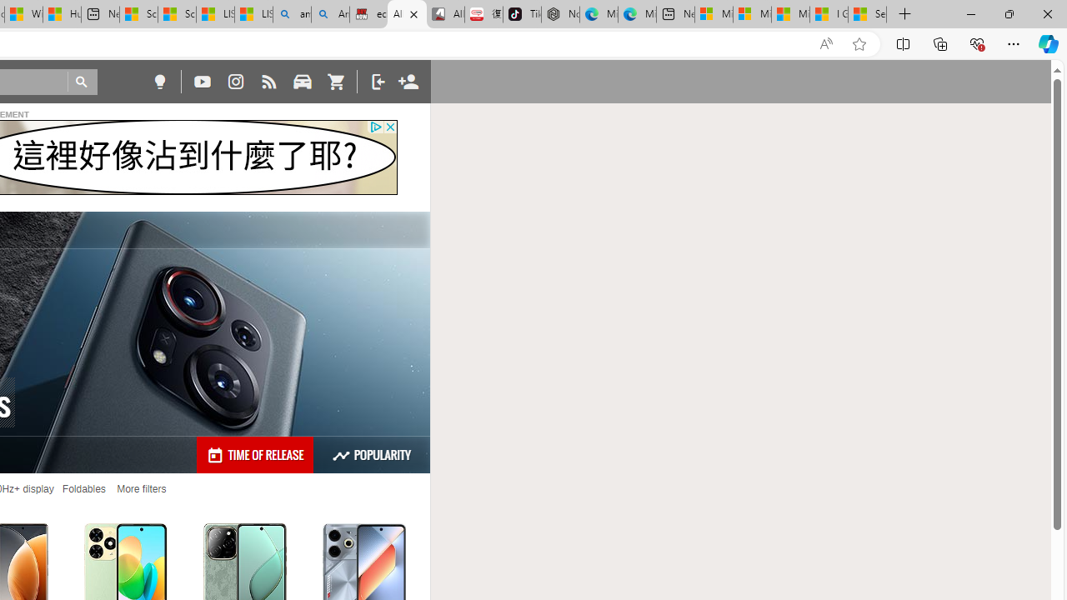 This screenshot has height=600, width=1067. I want to click on 'Collections', so click(940, 42).